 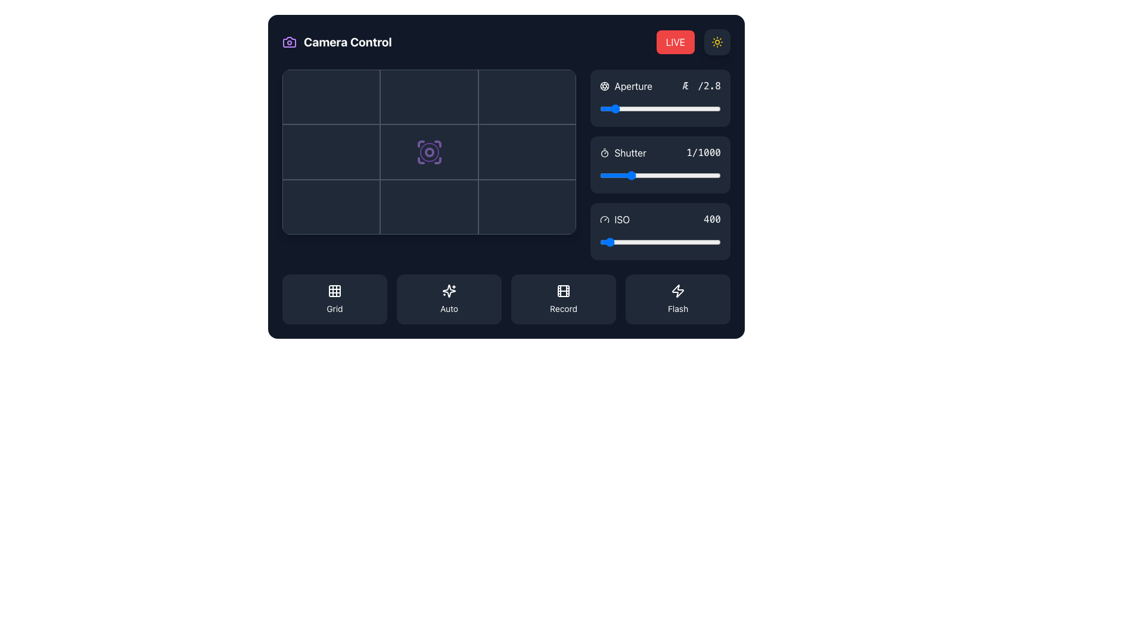 What do you see at coordinates (661, 175) in the screenshot?
I see `the shutter speed` at bounding box center [661, 175].